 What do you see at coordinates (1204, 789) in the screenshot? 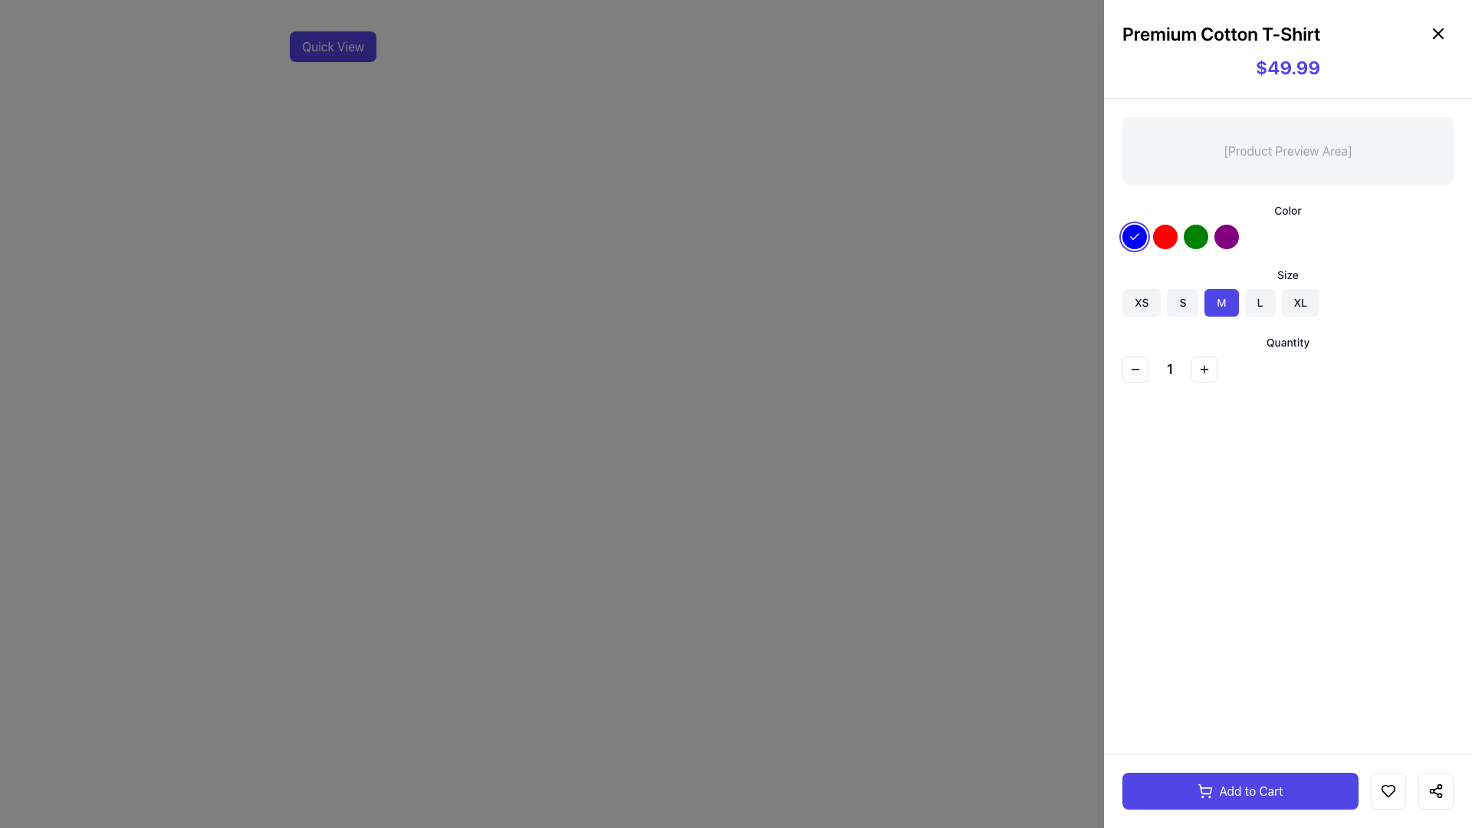
I see `the shopping cart icon located within the 'Add to Cart' button at the bottom-right of the interface` at bounding box center [1204, 789].